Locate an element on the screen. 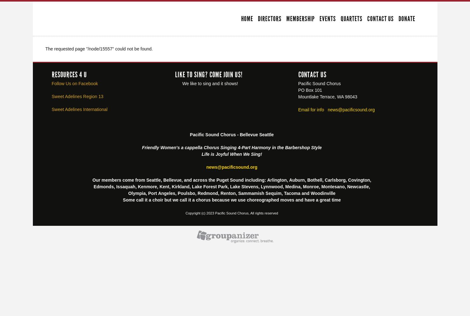  'PO Box 101' is located at coordinates (310, 89).